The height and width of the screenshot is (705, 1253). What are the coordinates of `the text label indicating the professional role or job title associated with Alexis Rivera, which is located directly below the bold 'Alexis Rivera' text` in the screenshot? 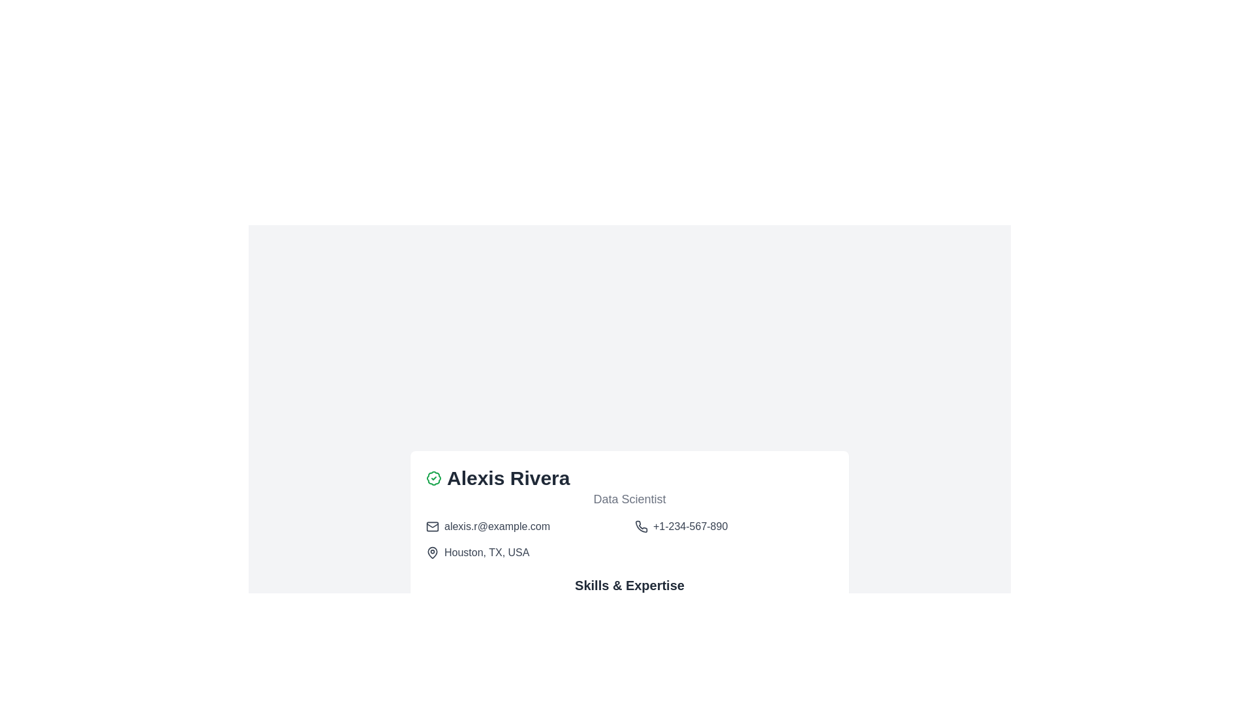 It's located at (629, 499).